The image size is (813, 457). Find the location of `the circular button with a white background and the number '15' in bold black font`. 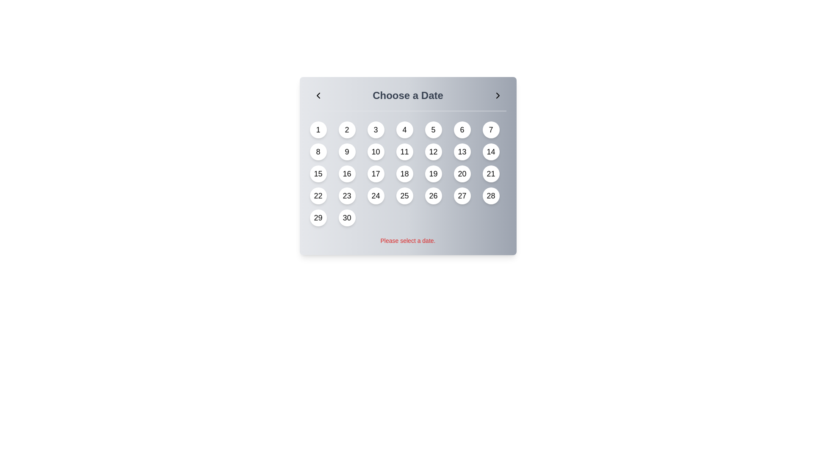

the circular button with a white background and the number '15' in bold black font is located at coordinates (318, 173).